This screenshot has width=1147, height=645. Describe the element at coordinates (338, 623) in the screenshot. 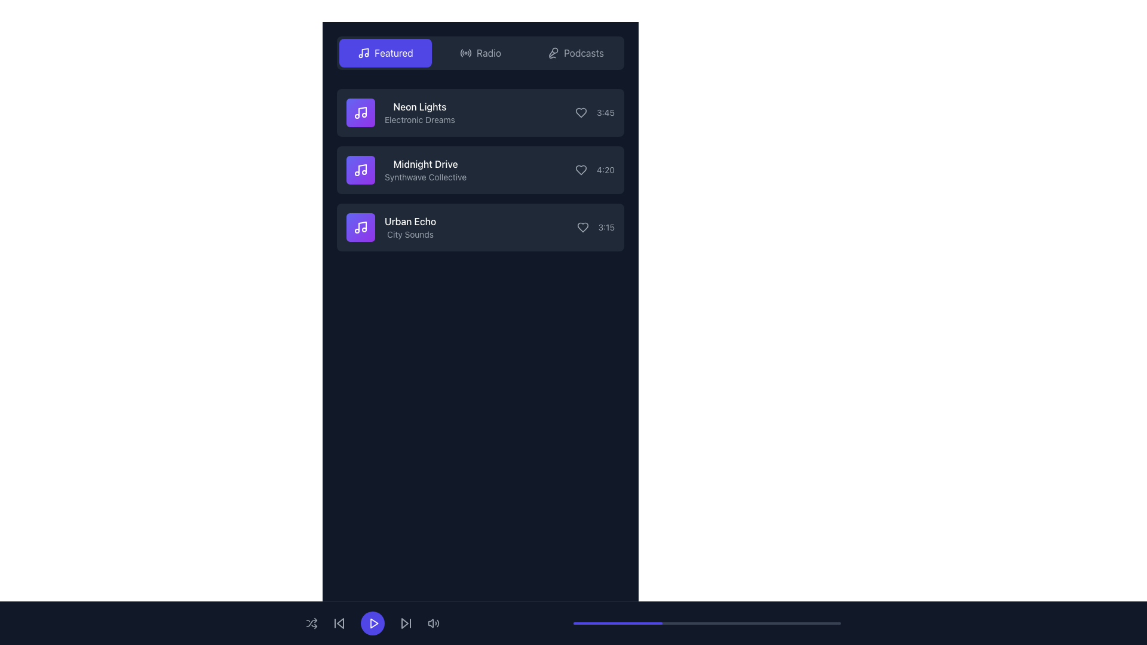

I see `the small triangular-shaped 'skip back' button located at the bottom of the interface to change its color from gray to white` at that location.